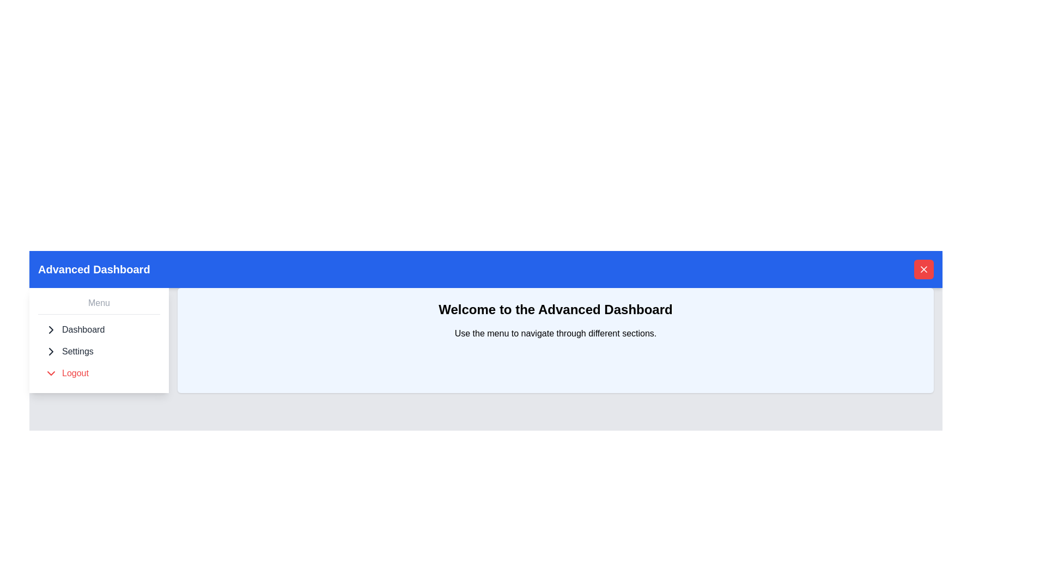 This screenshot has width=1046, height=588. What do you see at coordinates (99, 305) in the screenshot?
I see `the static text label displaying 'Menu', which is styled with a grayish color and located at the top of the list in the left panel of the interface` at bounding box center [99, 305].